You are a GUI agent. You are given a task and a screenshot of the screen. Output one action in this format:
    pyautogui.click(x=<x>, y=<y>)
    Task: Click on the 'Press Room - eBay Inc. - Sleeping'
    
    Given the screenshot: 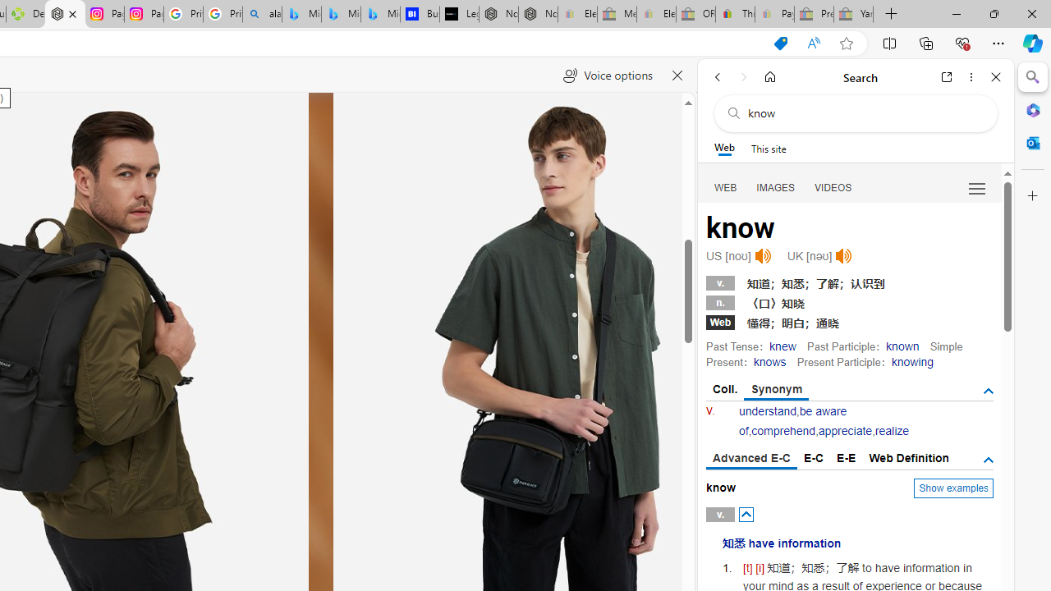 What is the action you would take?
    pyautogui.click(x=814, y=14)
    